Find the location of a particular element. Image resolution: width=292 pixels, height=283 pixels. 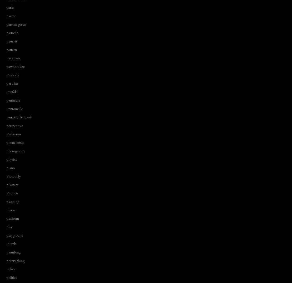

'police' is located at coordinates (11, 269).